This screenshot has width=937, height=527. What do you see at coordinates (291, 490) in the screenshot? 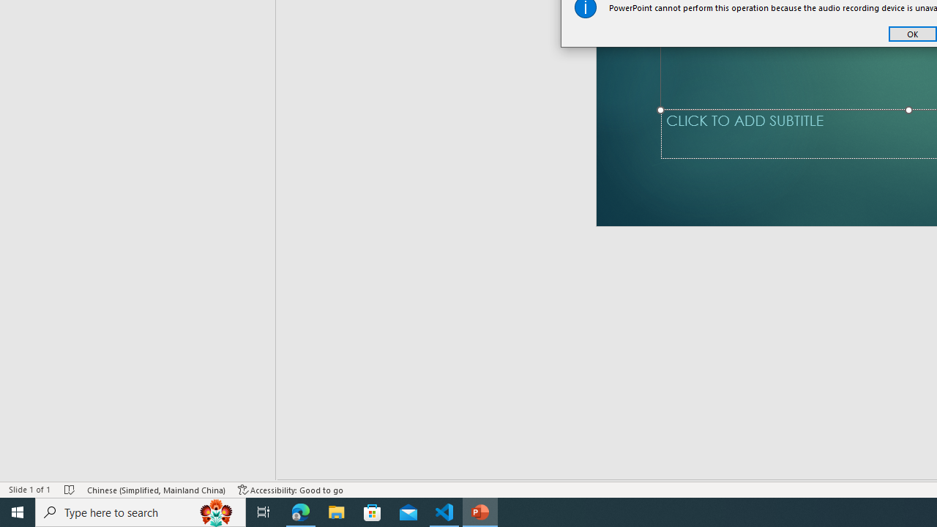
I see `'Accessibility Checker Accessibility: Good to go'` at bounding box center [291, 490].